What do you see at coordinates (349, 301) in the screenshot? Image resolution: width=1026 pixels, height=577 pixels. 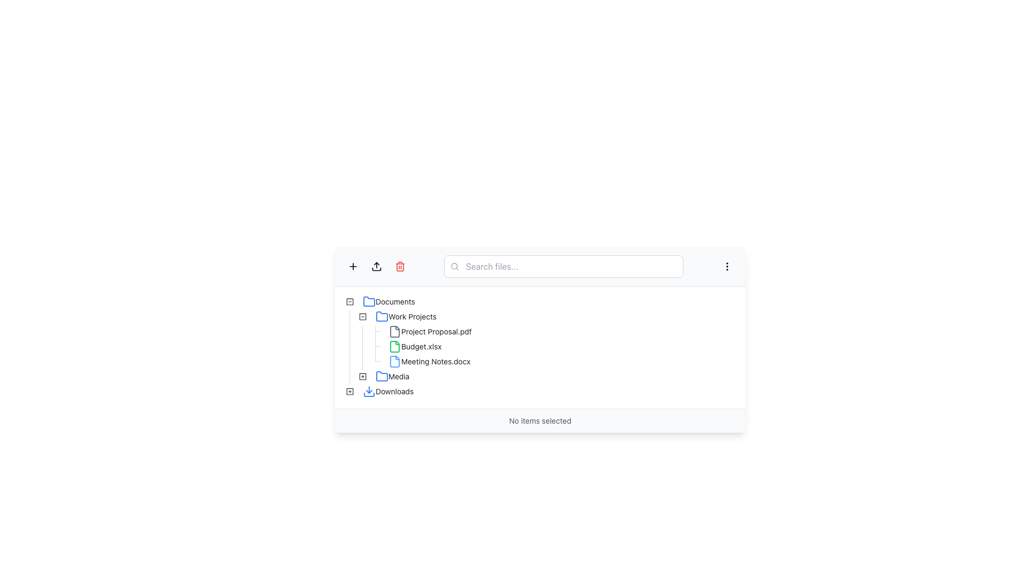 I see `the toggle button or expander icon with a minus symbol at its center, located to the left of the 'Documents' label in the tree view` at bounding box center [349, 301].